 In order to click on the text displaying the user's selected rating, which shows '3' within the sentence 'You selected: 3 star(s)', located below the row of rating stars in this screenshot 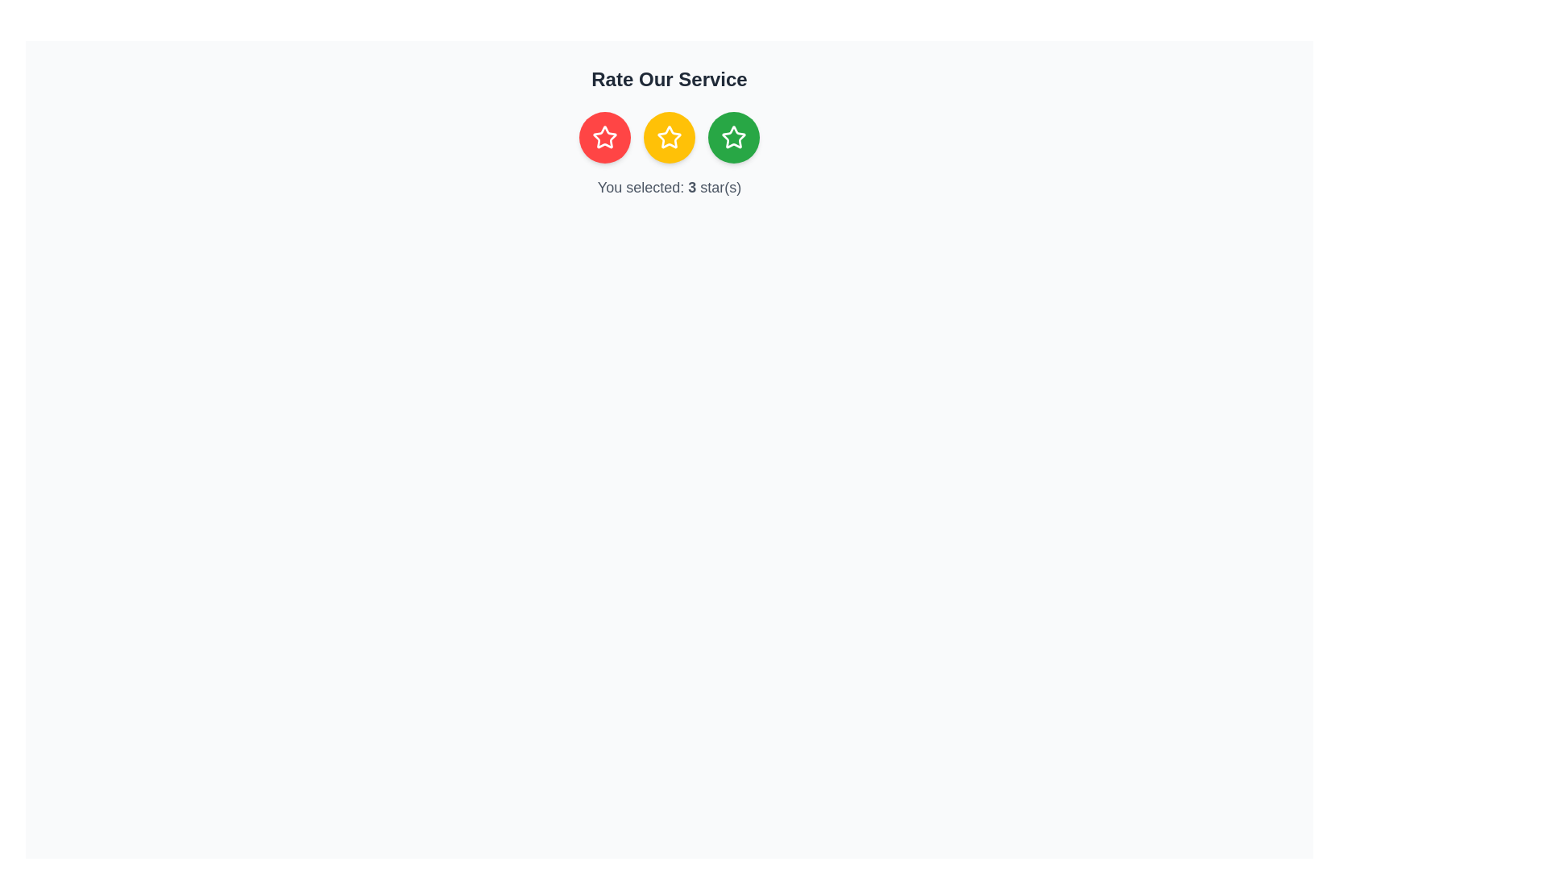, I will do `click(692, 186)`.